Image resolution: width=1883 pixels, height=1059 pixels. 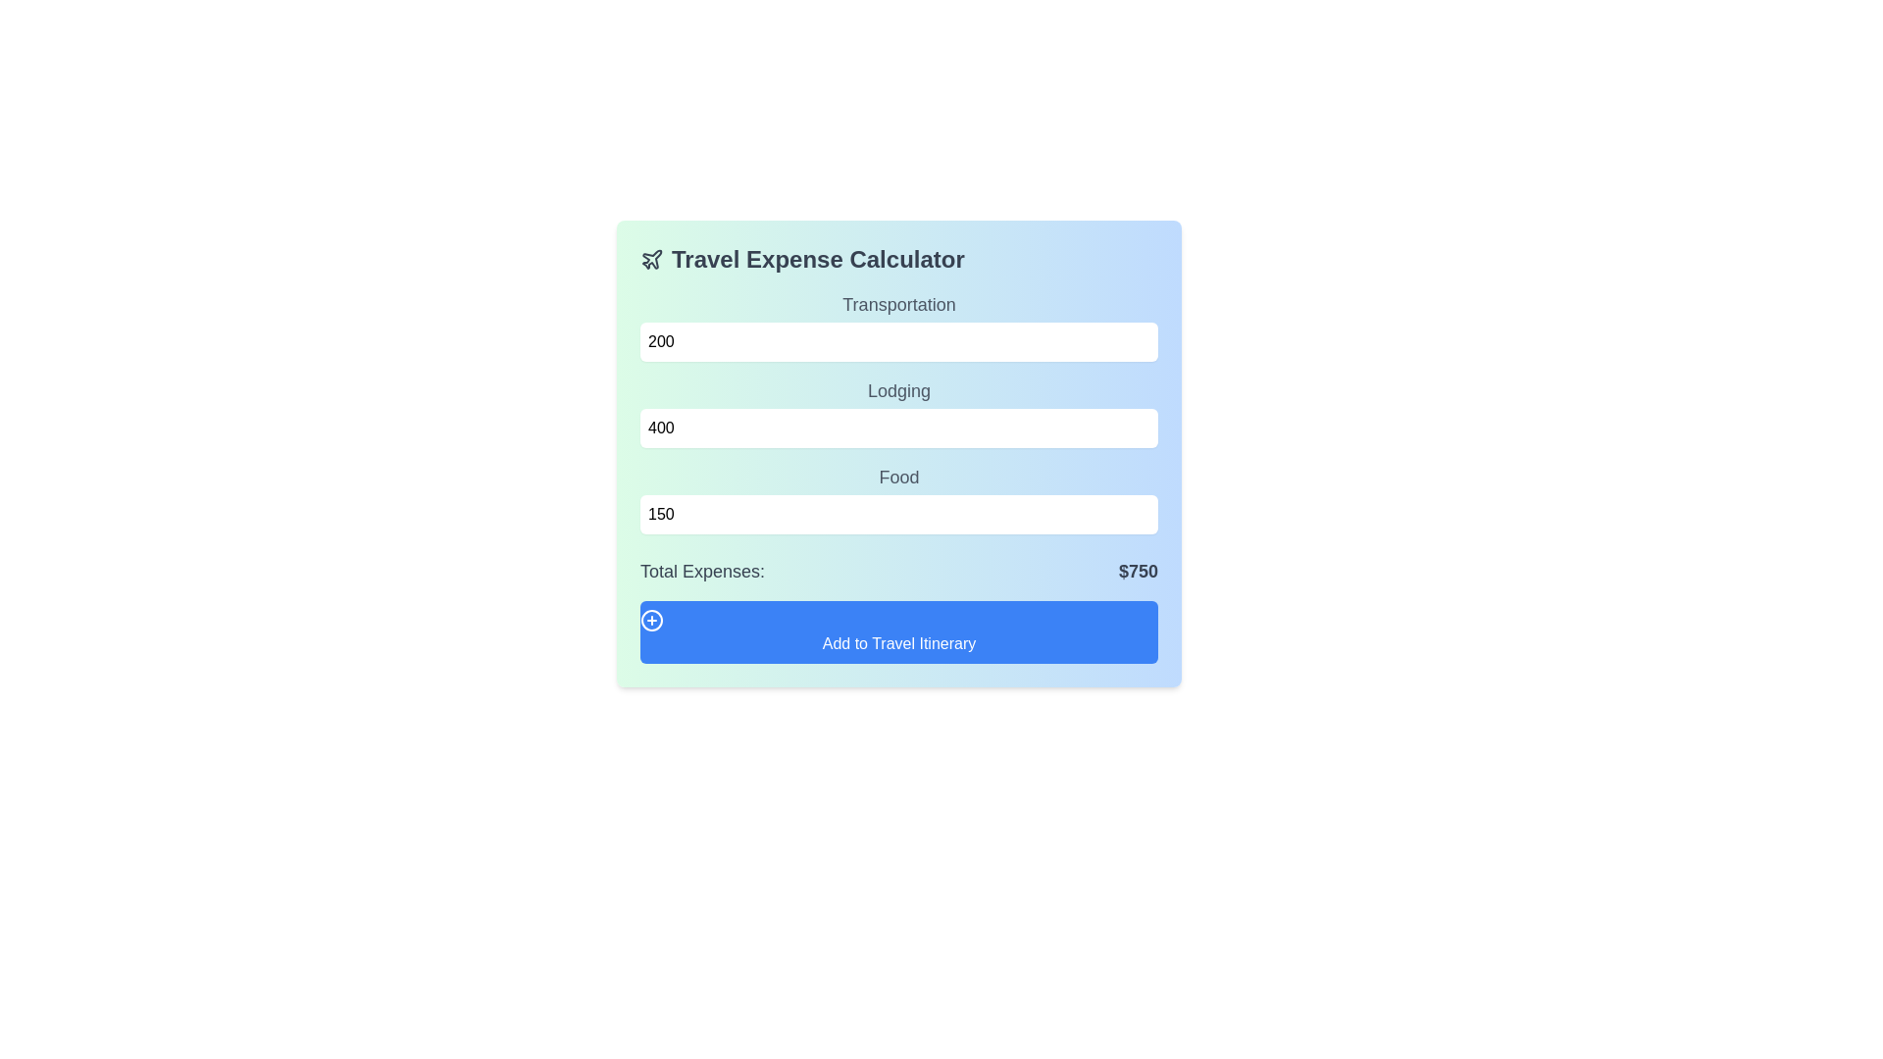 What do you see at coordinates (897, 477) in the screenshot?
I see `the static text label displaying 'Food', which is styled in gray and located above a numeric input field in the 'Lodging' section` at bounding box center [897, 477].